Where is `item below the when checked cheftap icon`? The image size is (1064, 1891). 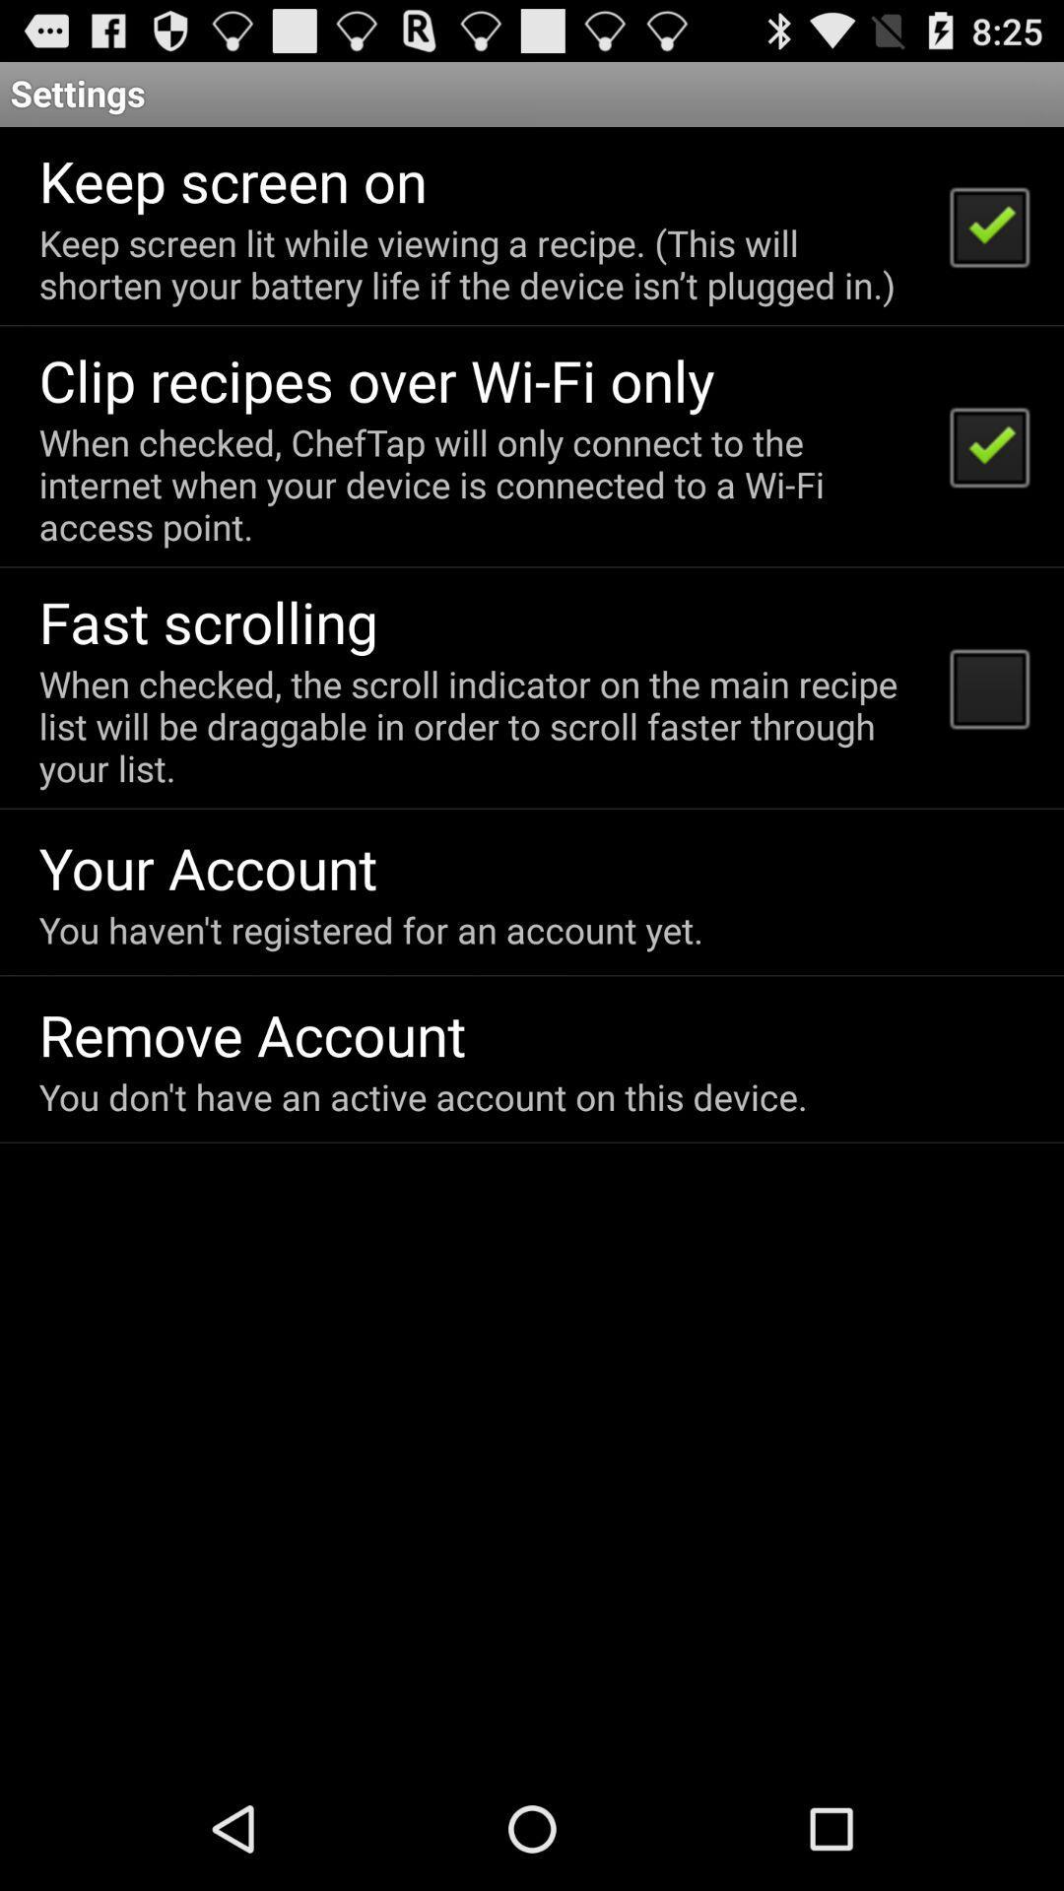
item below the when checked cheftap icon is located at coordinates (208, 620).